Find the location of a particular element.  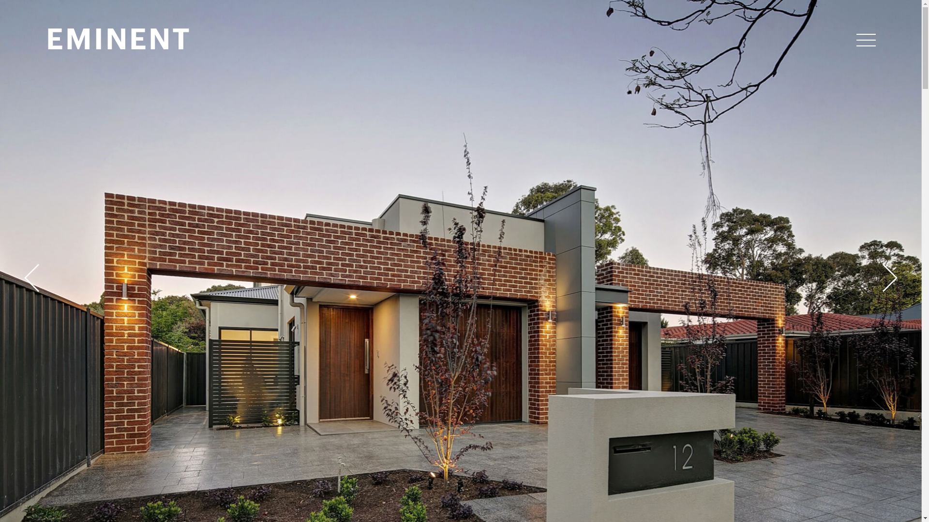

'EMINENT' is located at coordinates (118, 40).